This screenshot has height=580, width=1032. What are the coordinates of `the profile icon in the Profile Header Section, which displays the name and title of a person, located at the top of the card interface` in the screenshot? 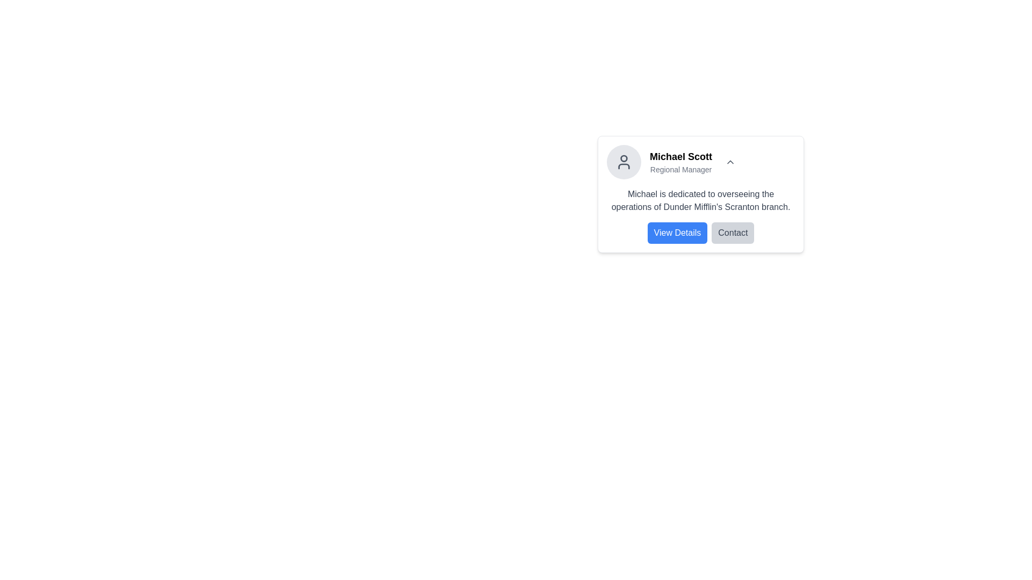 It's located at (701, 162).